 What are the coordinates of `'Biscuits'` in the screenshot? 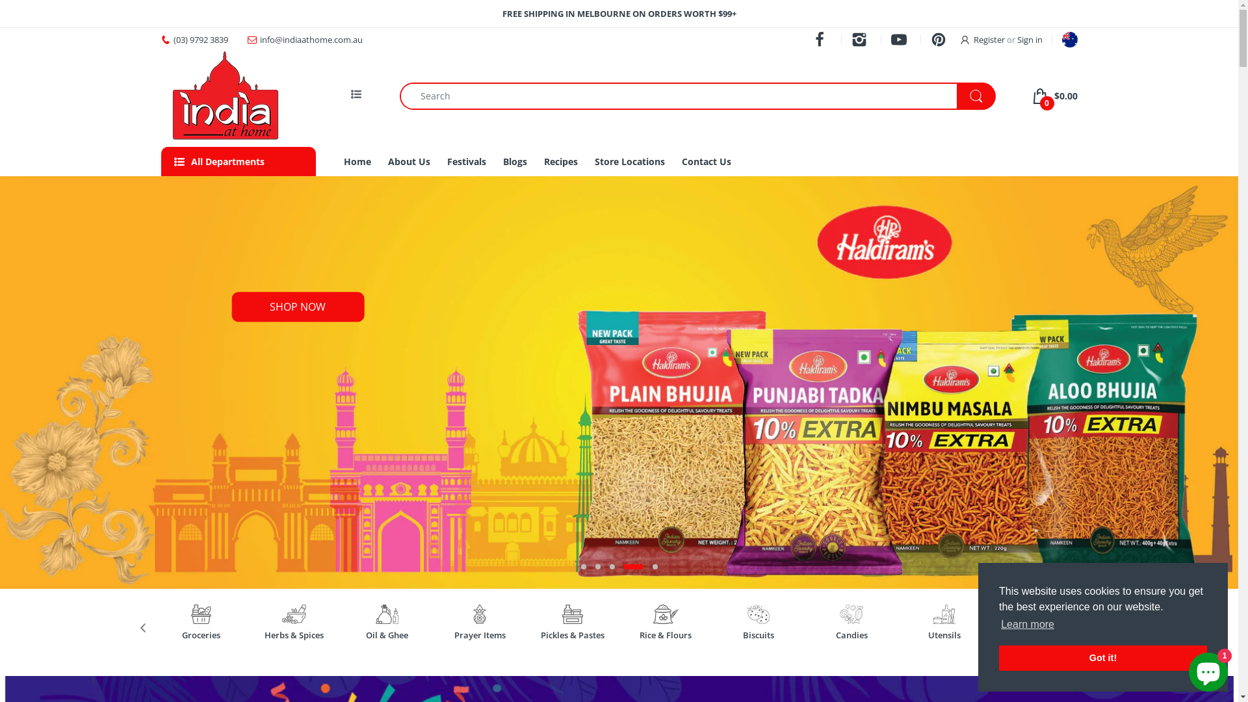 It's located at (725, 634).